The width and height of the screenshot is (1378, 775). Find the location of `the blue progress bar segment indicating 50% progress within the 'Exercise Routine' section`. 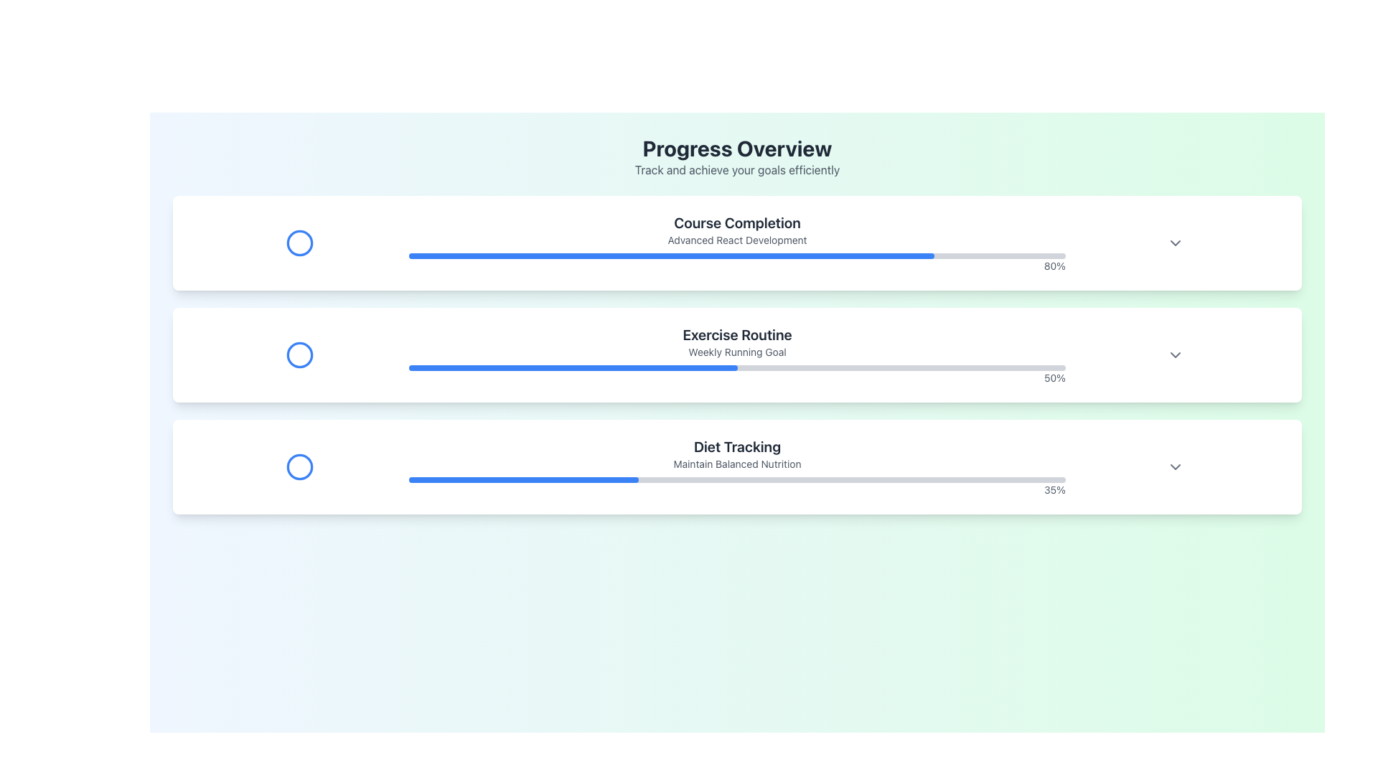

the blue progress bar segment indicating 50% progress within the 'Exercise Routine' section is located at coordinates (572, 367).